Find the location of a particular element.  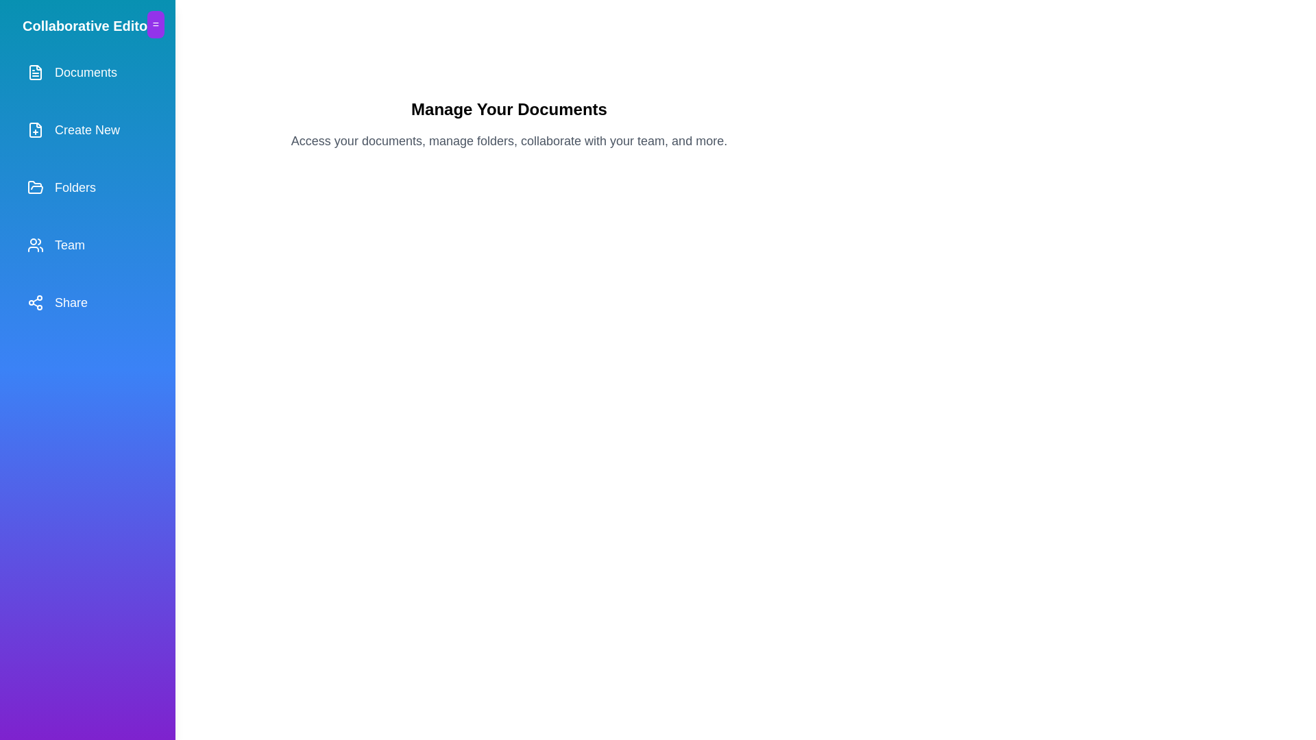

the menu item labeled Documents from the drawer is located at coordinates (87, 72).